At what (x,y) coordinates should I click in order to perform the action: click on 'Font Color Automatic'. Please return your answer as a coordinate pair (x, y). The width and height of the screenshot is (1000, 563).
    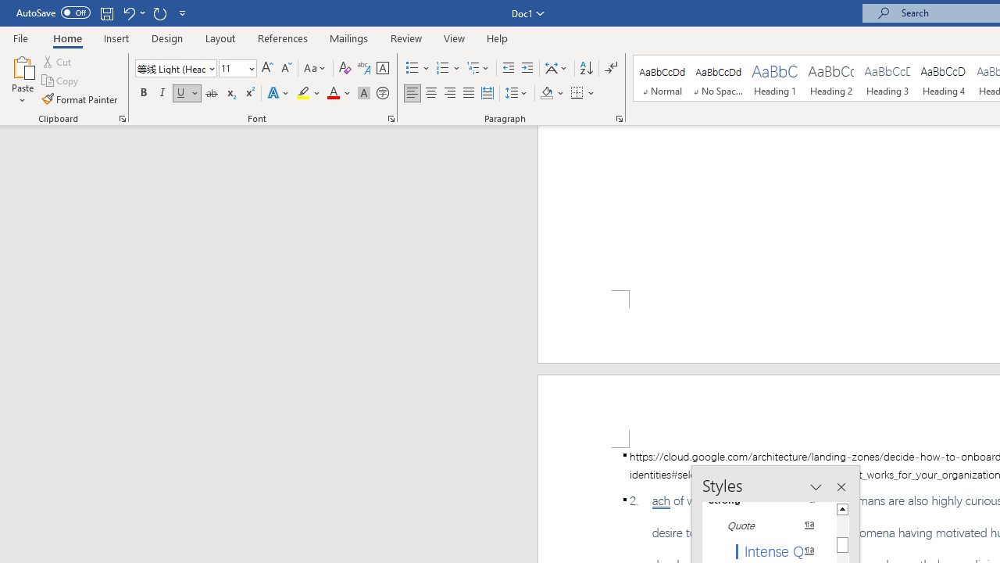
    Looking at the image, I should click on (332, 93).